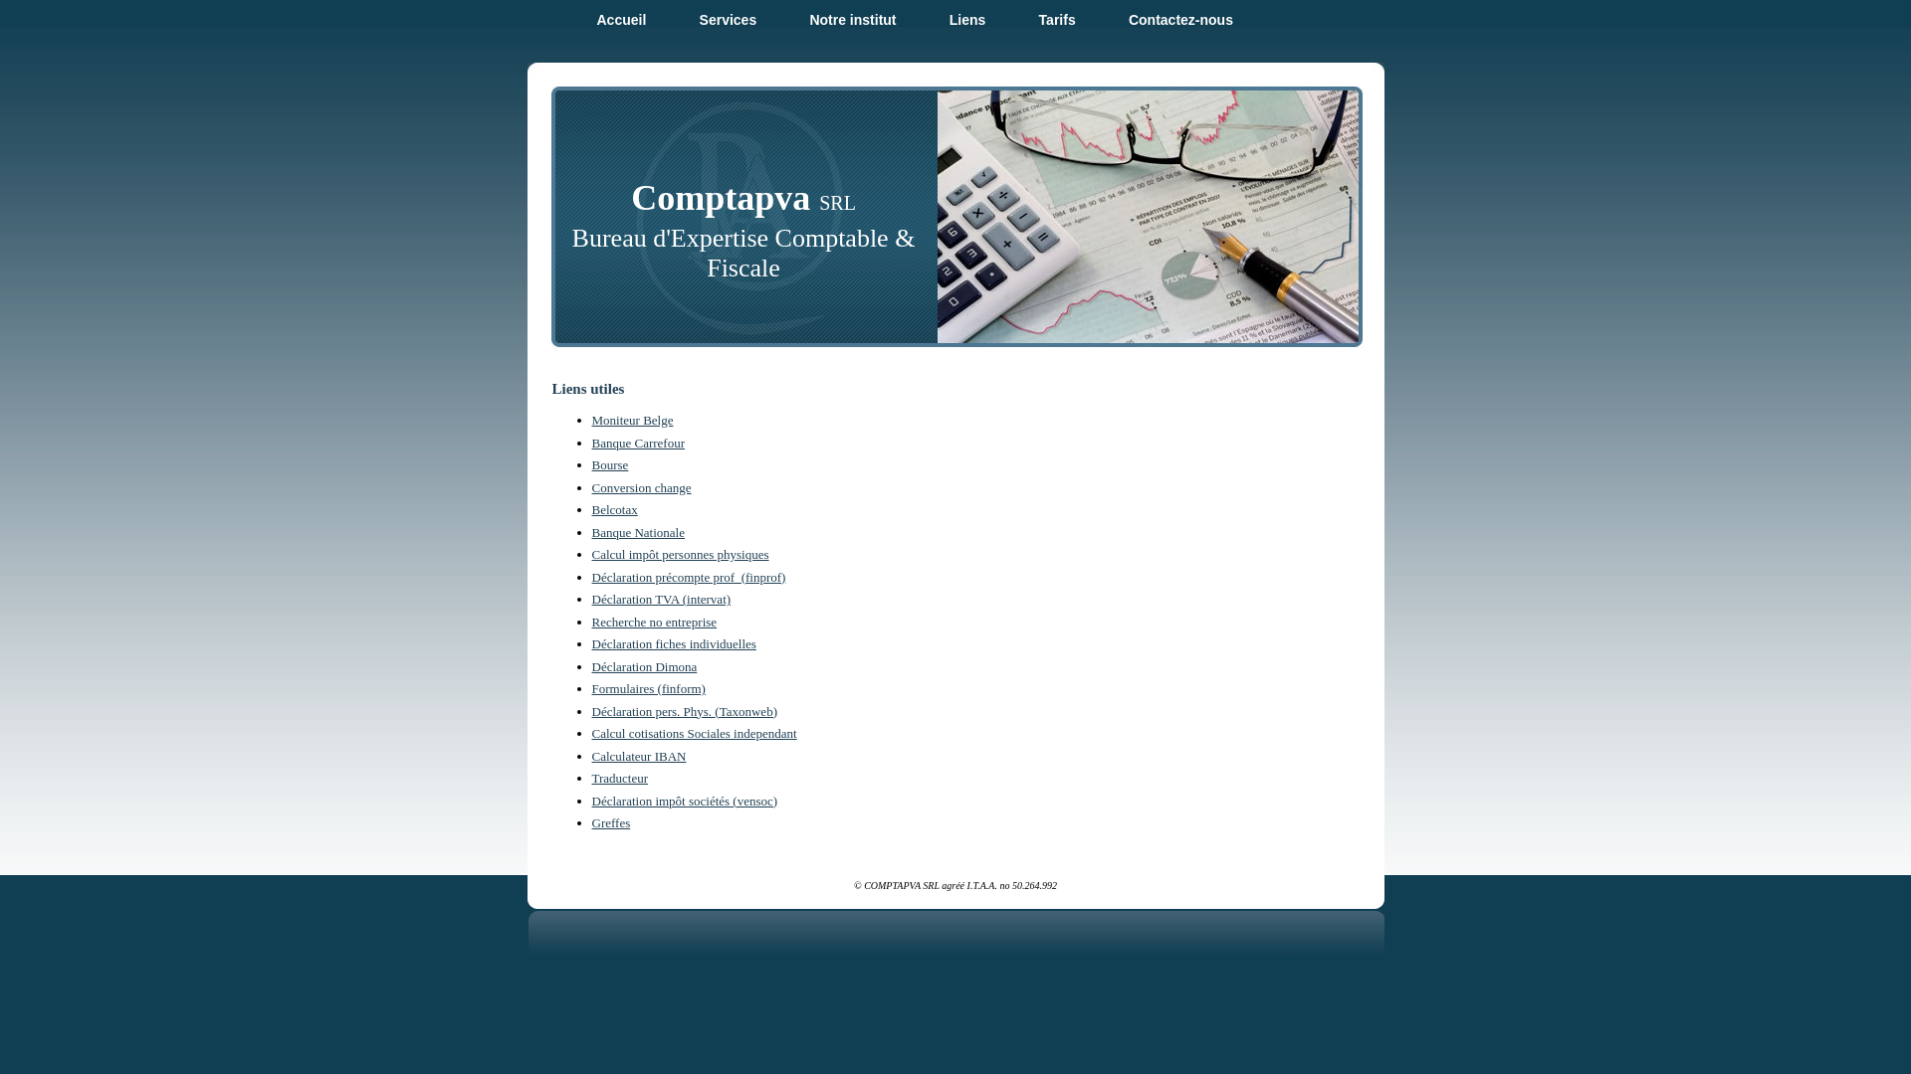  What do you see at coordinates (640, 486) in the screenshot?
I see `'Conversion change'` at bounding box center [640, 486].